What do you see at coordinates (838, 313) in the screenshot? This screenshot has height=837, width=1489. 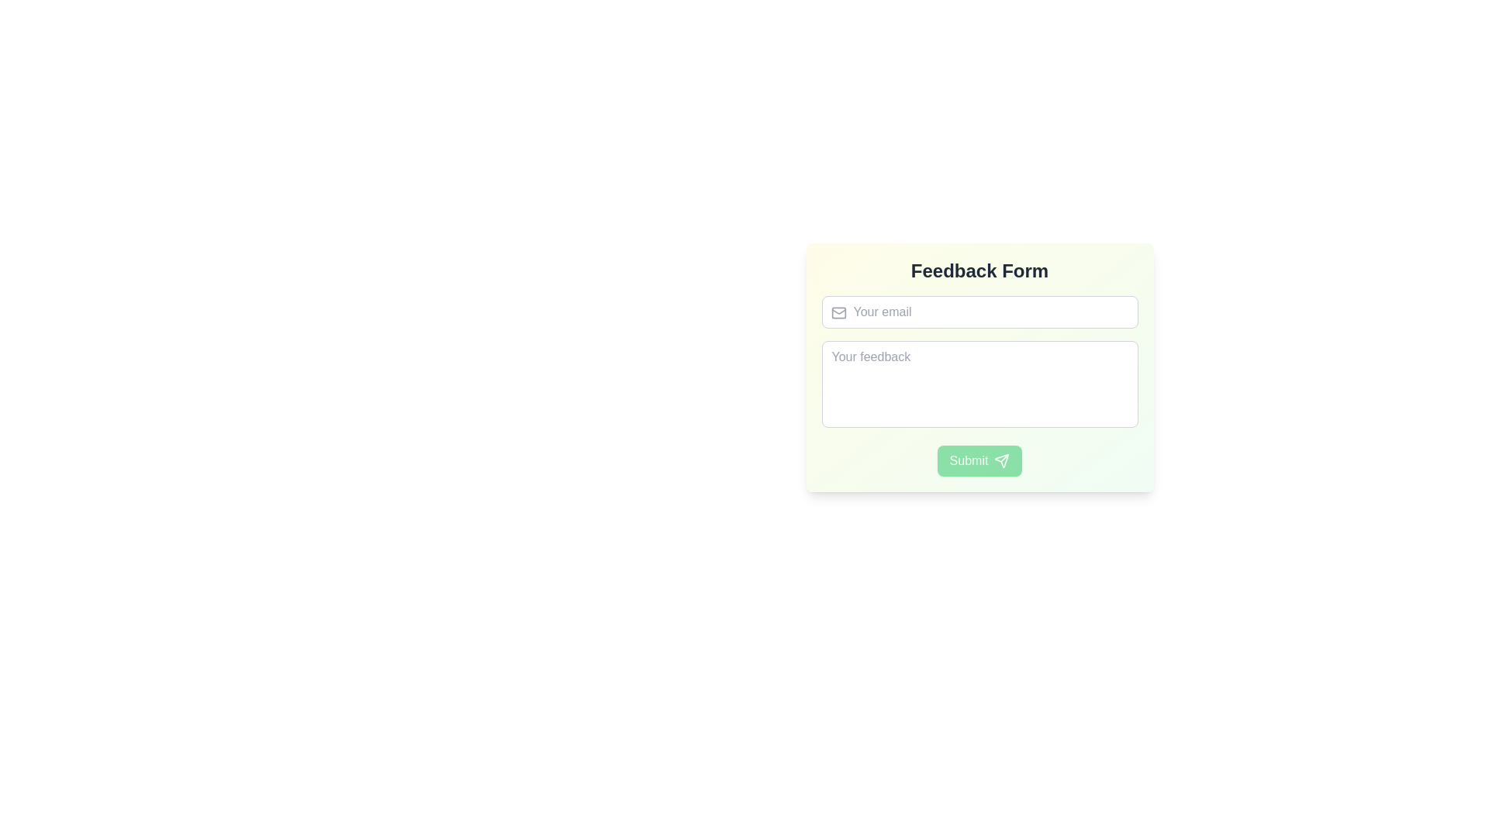 I see `the Decorative SVG shape within the mail icon, which is a rounded rectangle located to the left of the email input field in the feedback form` at bounding box center [838, 313].